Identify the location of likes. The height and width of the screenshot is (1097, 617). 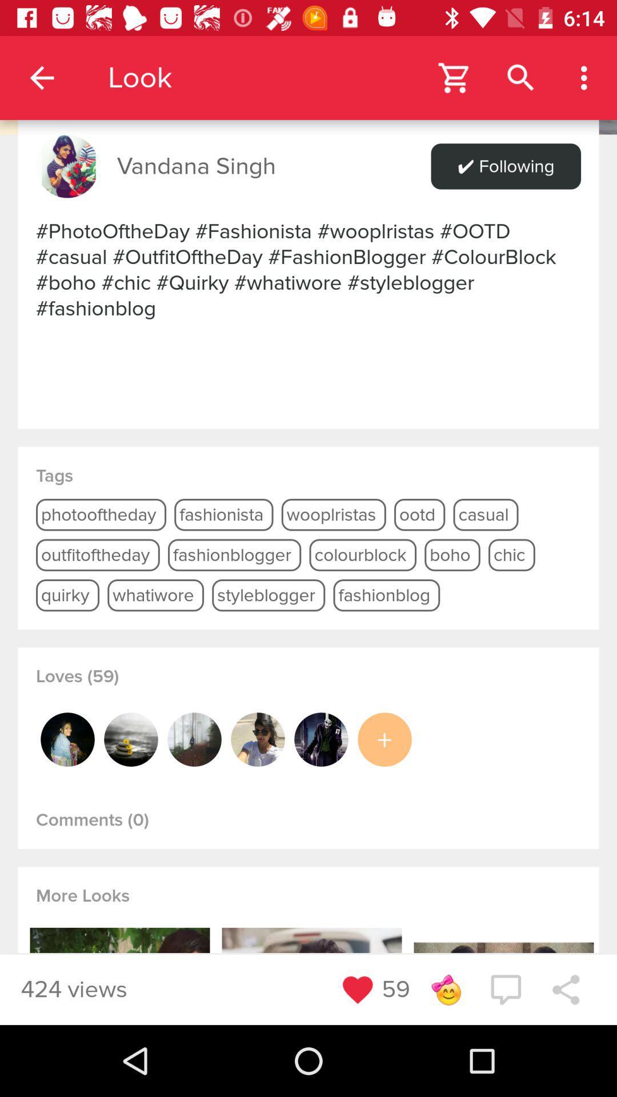
(384, 739).